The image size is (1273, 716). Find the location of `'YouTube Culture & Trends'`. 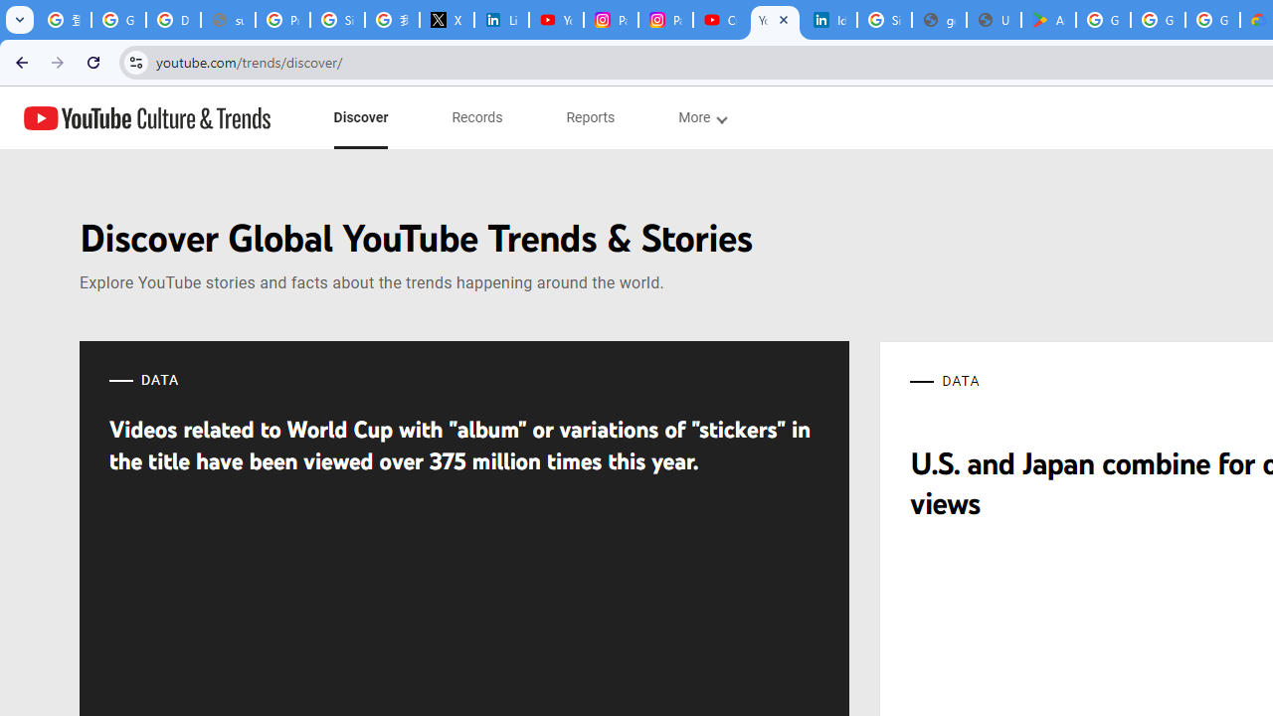

'YouTube Culture & Trends' is located at coordinates (145, 117).